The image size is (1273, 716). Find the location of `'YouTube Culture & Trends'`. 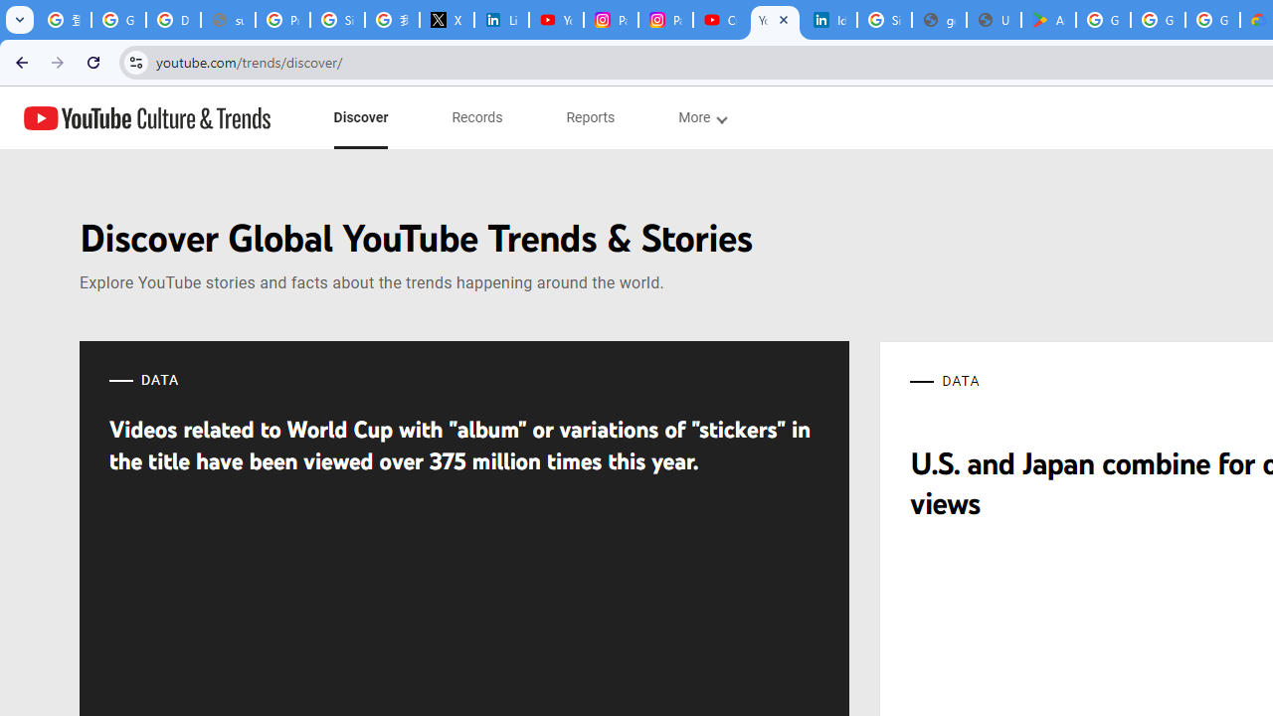

'YouTube Culture & Trends' is located at coordinates (145, 117).